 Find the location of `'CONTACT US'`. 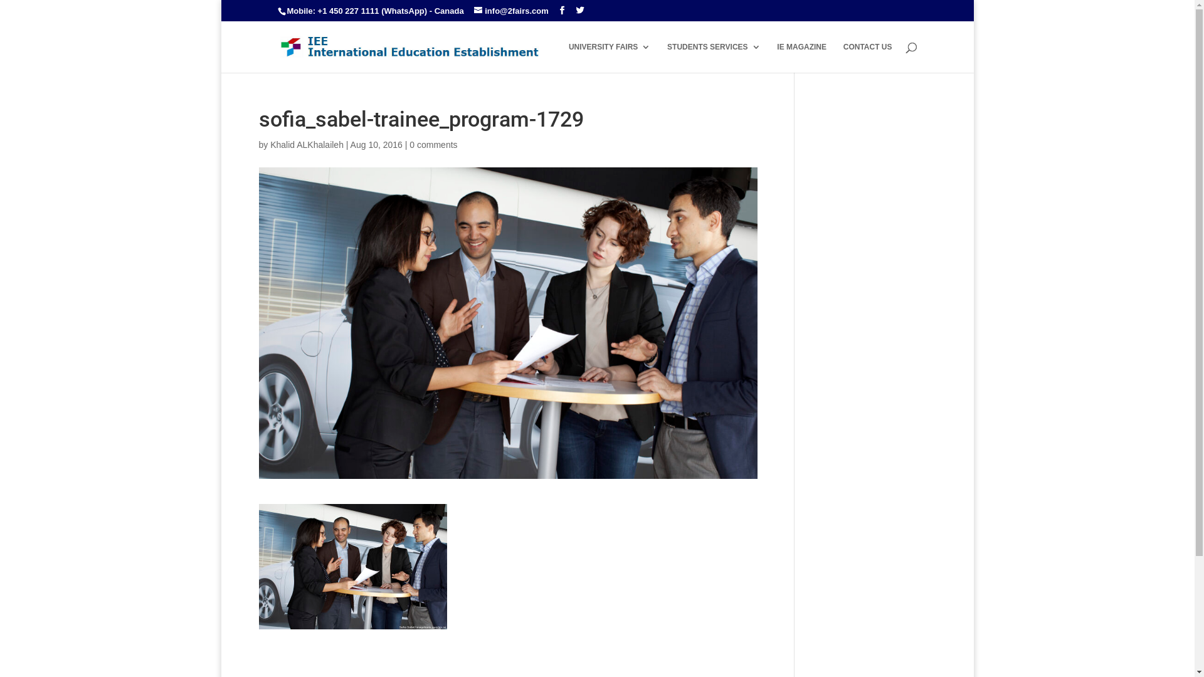

'CONTACT US' is located at coordinates (867, 58).